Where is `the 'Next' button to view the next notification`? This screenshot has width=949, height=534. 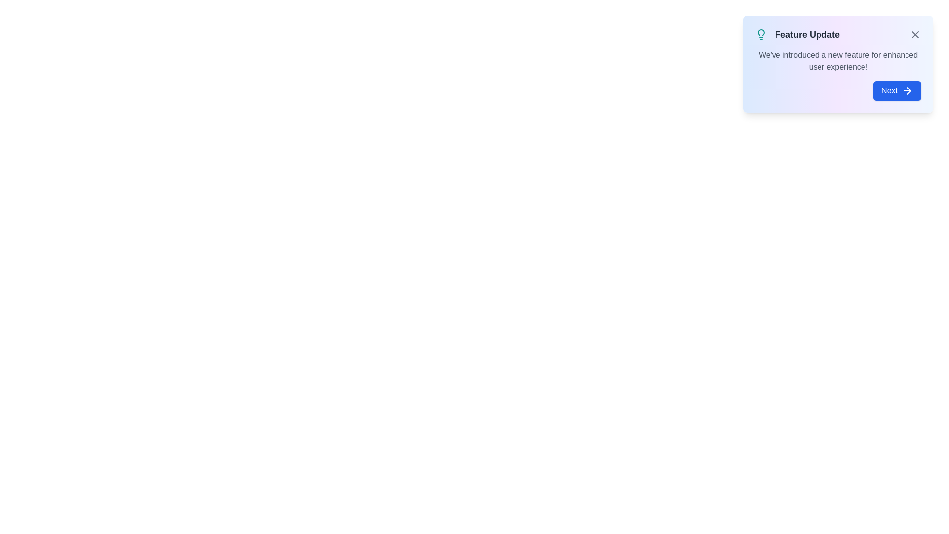 the 'Next' button to view the next notification is located at coordinates (897, 91).